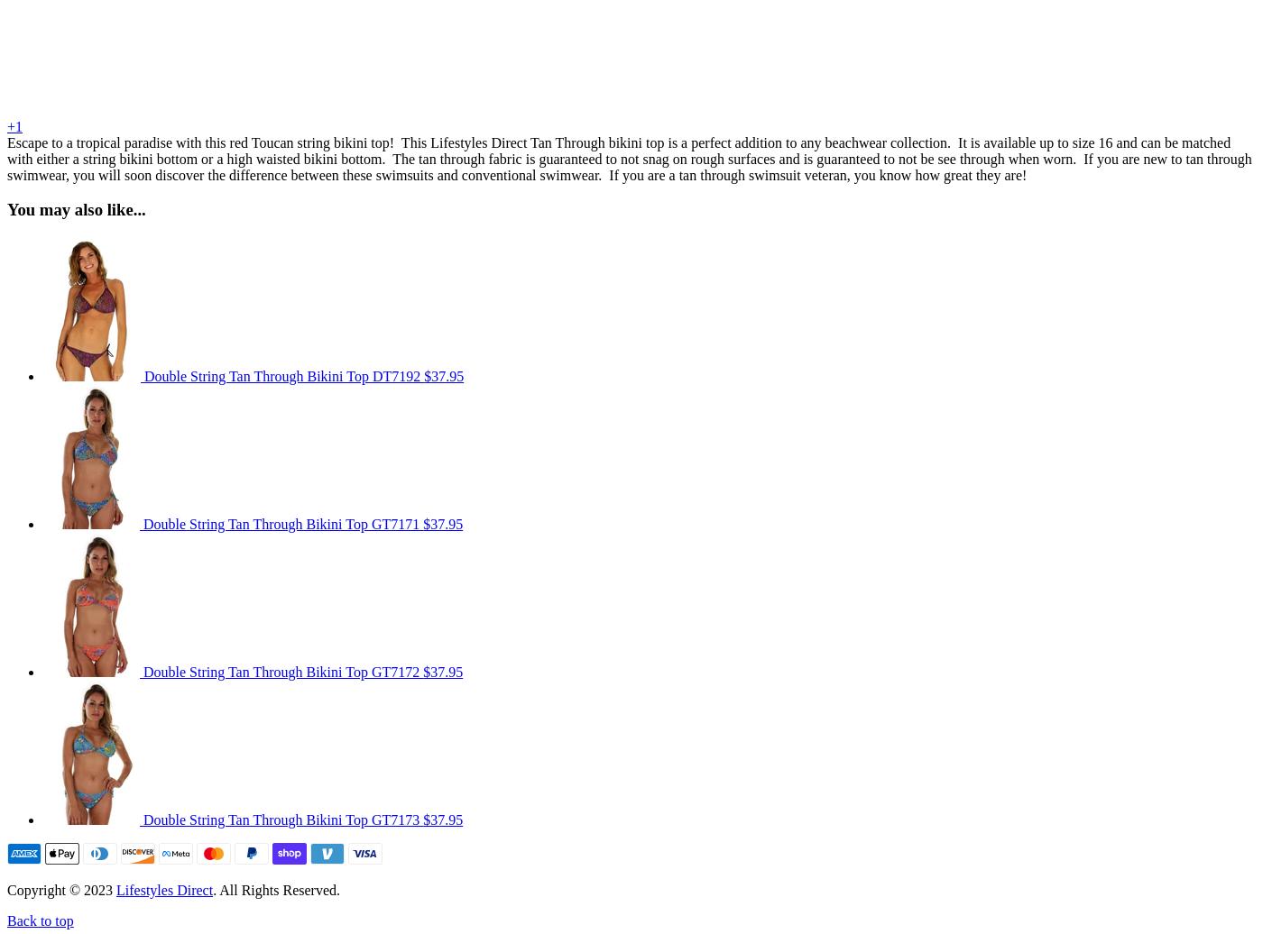 This screenshot has width=1263, height=934. I want to click on '. All Rights Reserved.', so click(276, 890).